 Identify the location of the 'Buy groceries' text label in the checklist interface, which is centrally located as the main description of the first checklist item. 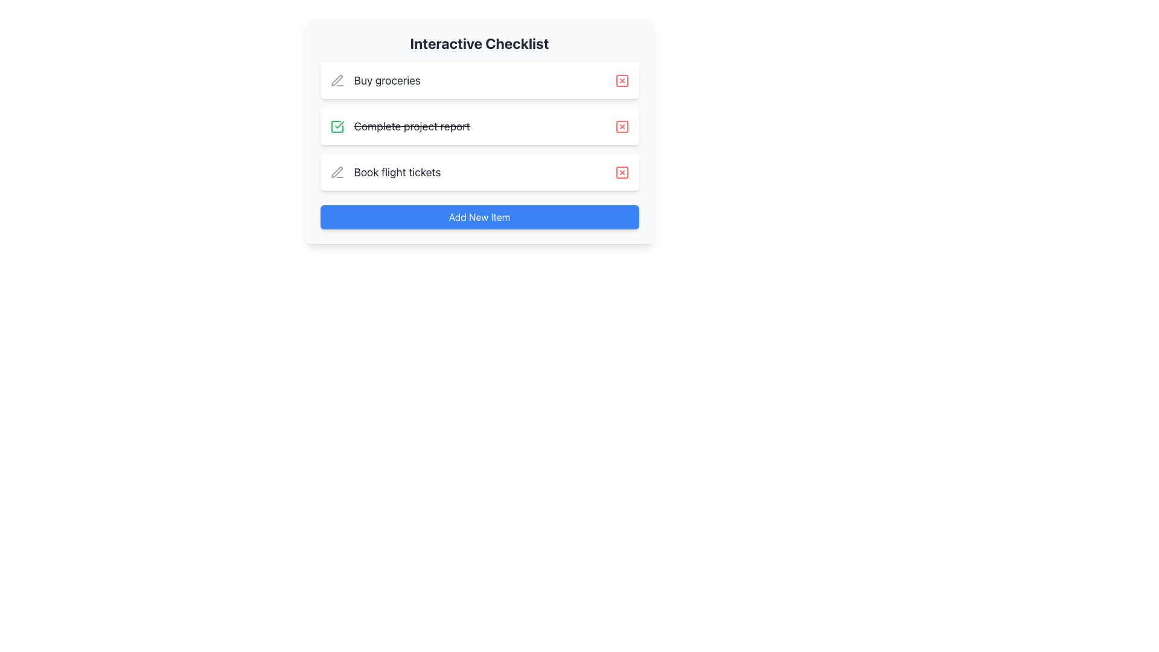
(387, 81).